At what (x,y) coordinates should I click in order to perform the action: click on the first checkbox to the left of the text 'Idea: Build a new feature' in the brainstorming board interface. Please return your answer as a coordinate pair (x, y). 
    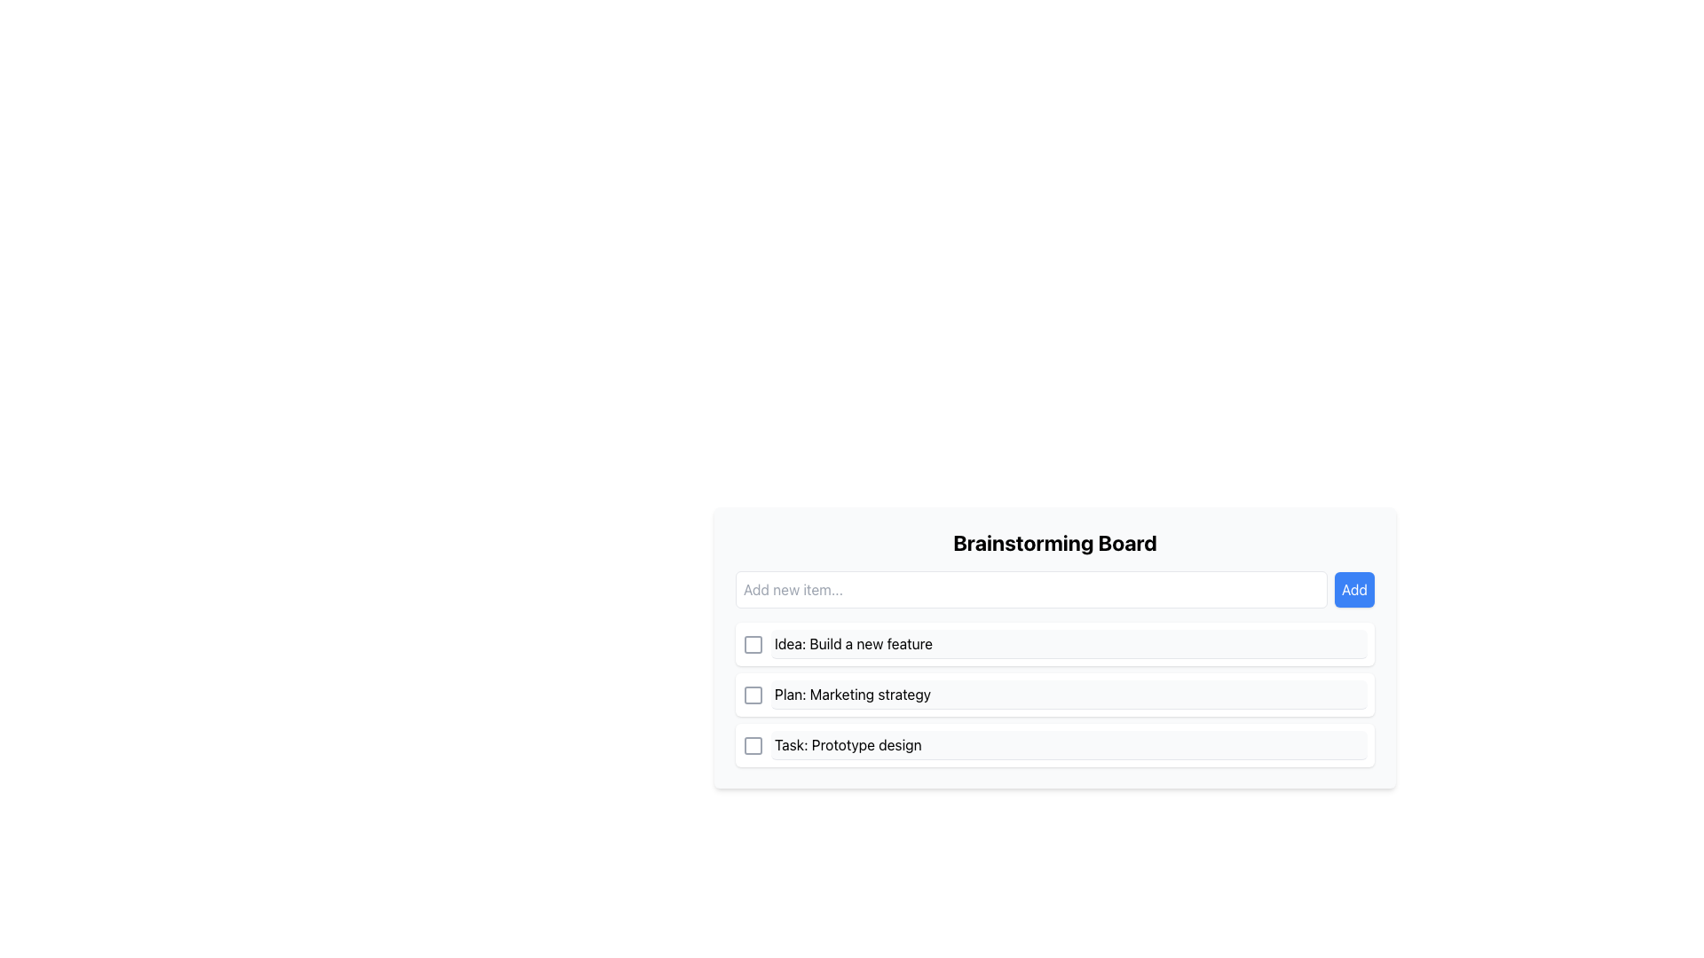
    Looking at the image, I should click on (753, 643).